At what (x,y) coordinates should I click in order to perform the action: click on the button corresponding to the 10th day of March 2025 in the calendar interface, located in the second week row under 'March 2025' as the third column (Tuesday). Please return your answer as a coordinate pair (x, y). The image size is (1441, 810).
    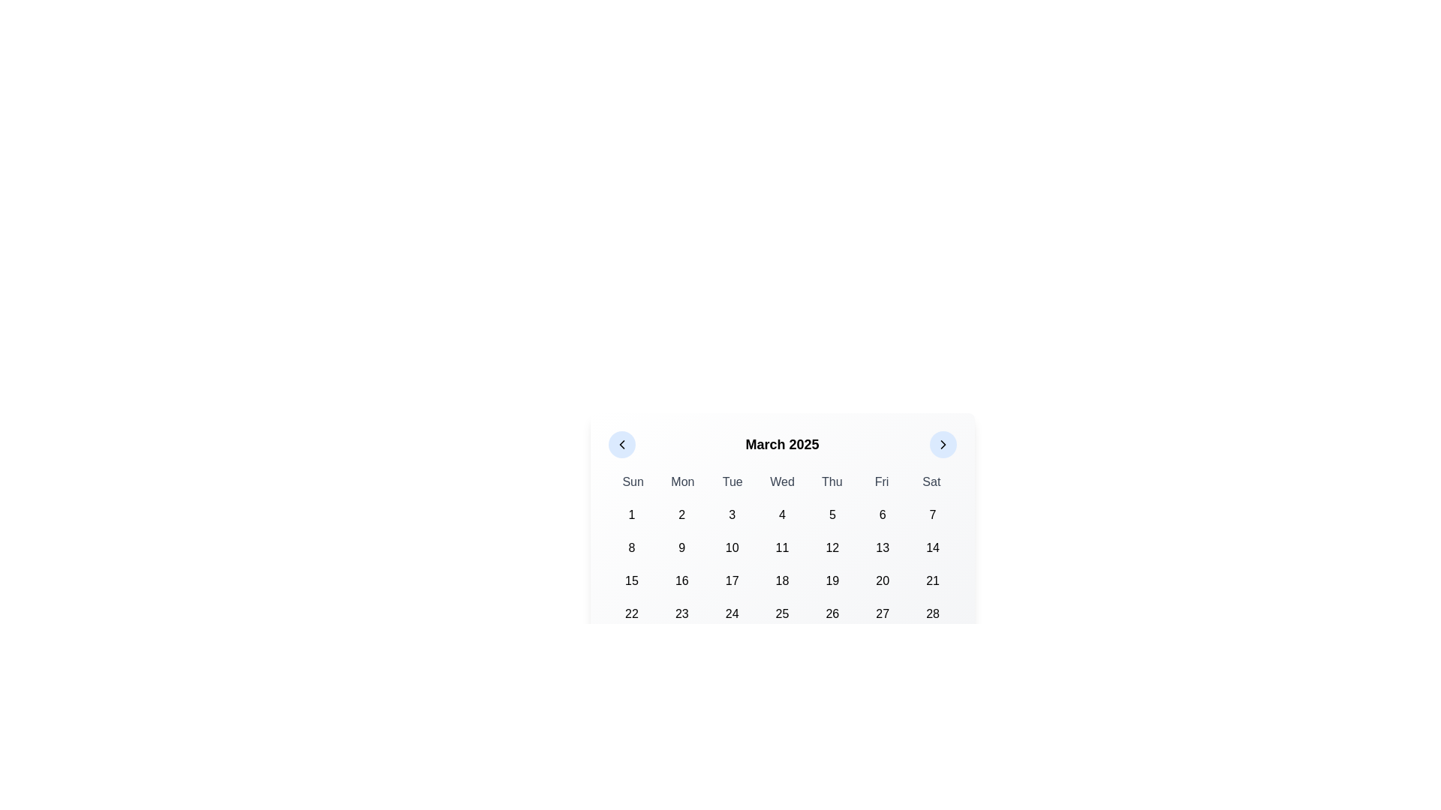
    Looking at the image, I should click on (732, 548).